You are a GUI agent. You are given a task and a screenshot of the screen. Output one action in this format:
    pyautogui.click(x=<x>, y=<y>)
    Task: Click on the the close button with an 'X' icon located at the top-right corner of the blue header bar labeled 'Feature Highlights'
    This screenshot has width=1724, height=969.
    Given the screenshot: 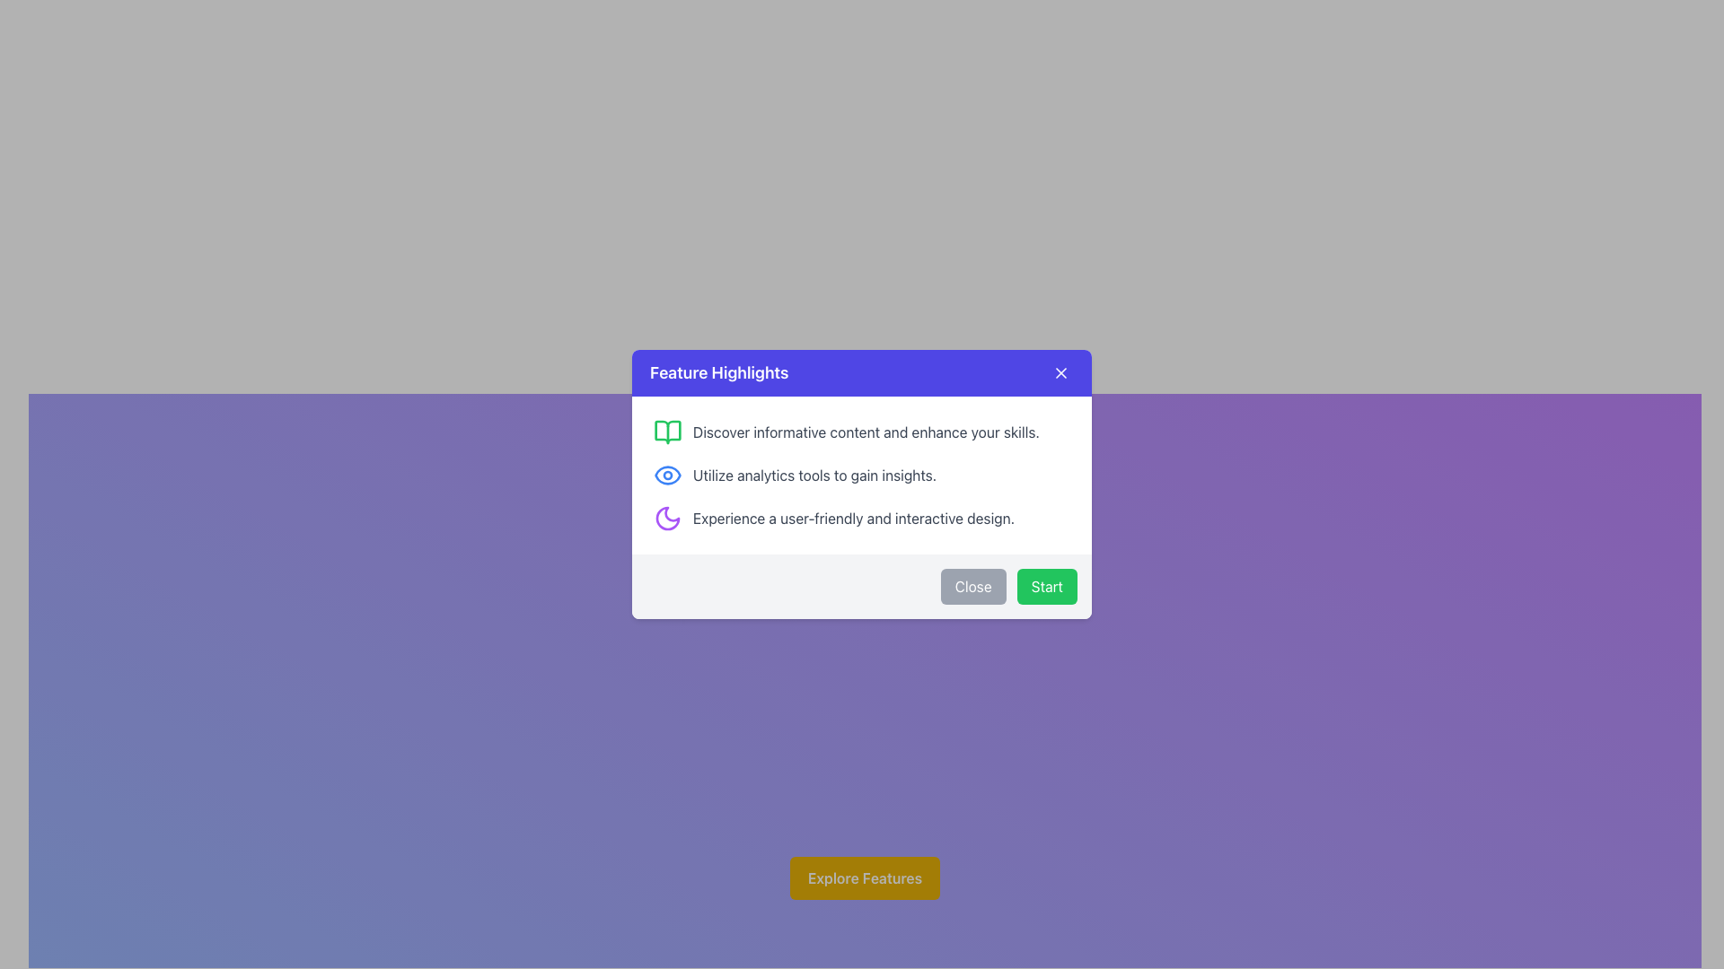 What is the action you would take?
    pyautogui.click(x=1060, y=372)
    